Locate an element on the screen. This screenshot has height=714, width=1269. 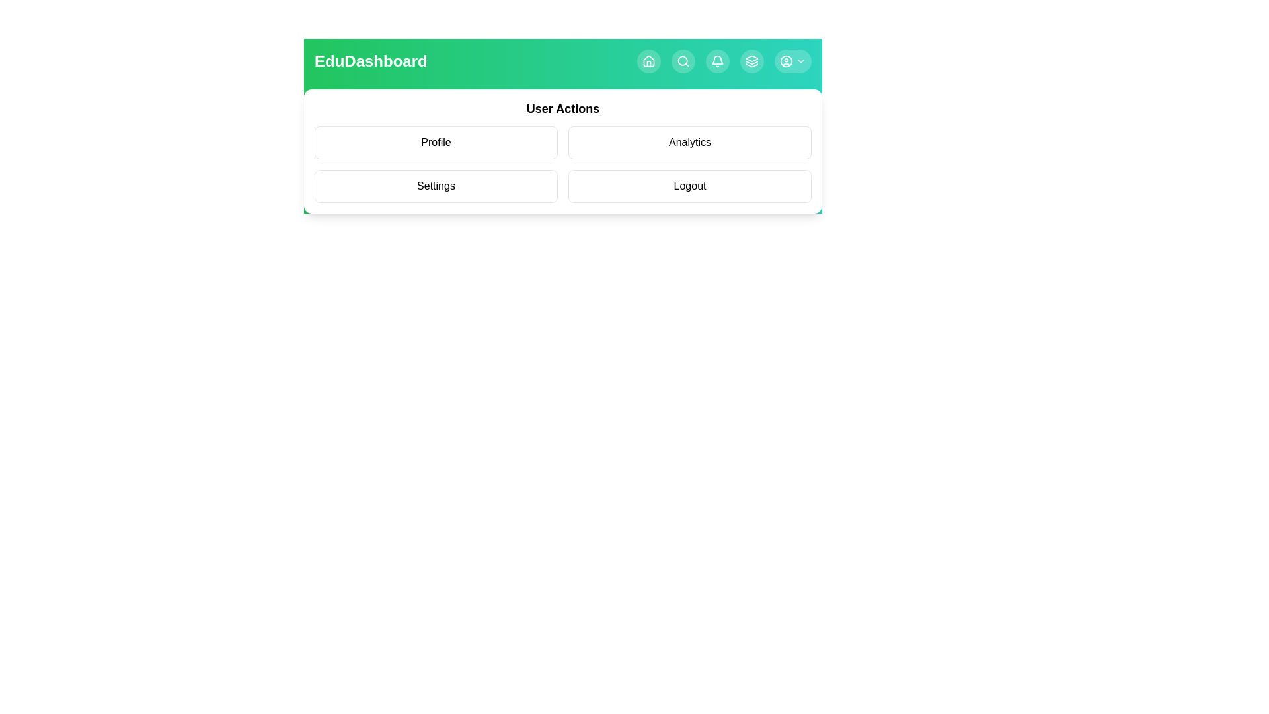
the navigation button Layers is located at coordinates (751, 61).